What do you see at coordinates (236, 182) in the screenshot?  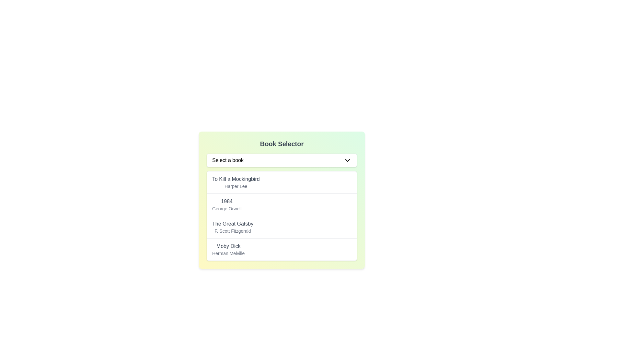 I see `the text display labeled 'To Kill a Mockingbird' in the book selector list` at bounding box center [236, 182].